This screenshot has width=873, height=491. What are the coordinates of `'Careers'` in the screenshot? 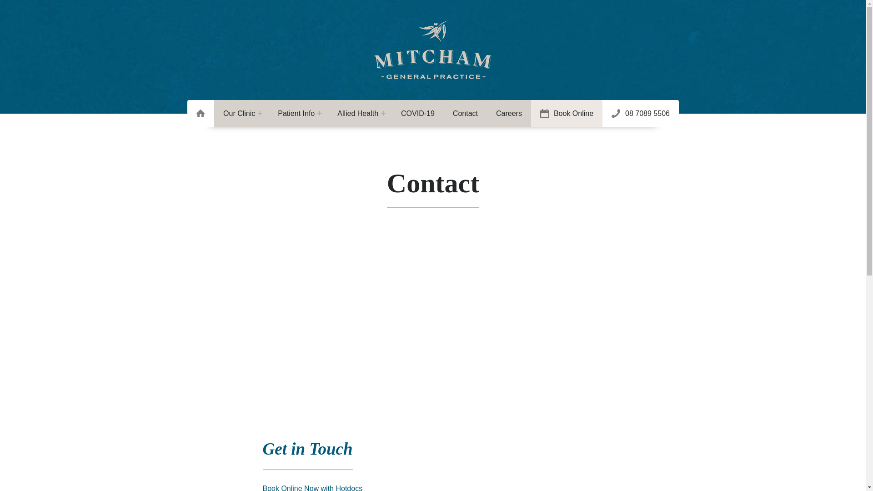 It's located at (508, 113).